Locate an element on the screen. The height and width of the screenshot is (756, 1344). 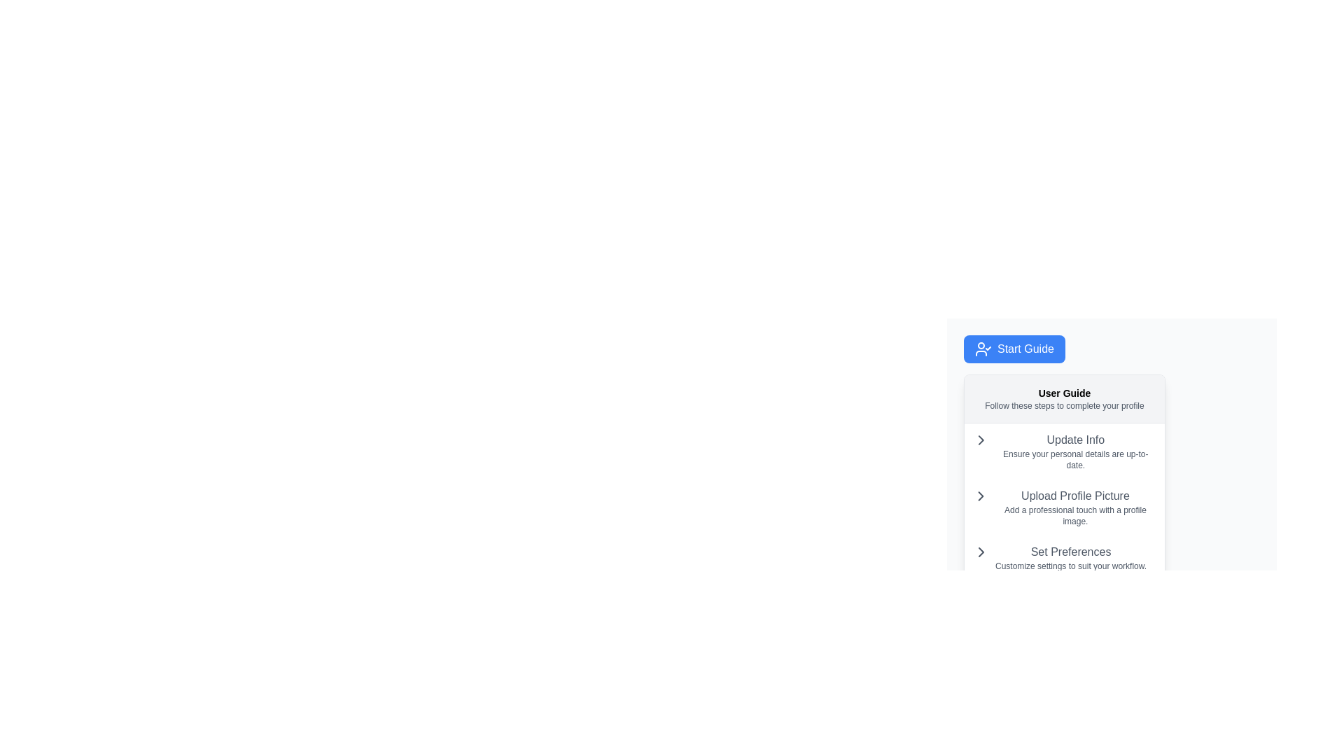
the right-facing chevron icon located to the left of the 'Update Info' text within the 'User Guide' card section to observe its visual change is located at coordinates (980, 439).